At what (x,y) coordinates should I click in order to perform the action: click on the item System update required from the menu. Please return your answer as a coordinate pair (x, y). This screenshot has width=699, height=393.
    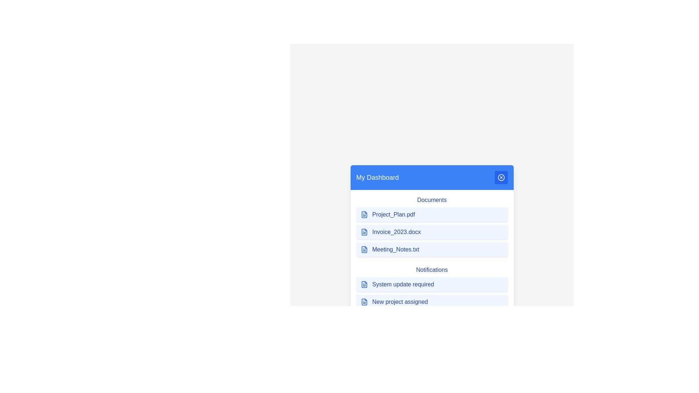
    Looking at the image, I should click on (432, 284).